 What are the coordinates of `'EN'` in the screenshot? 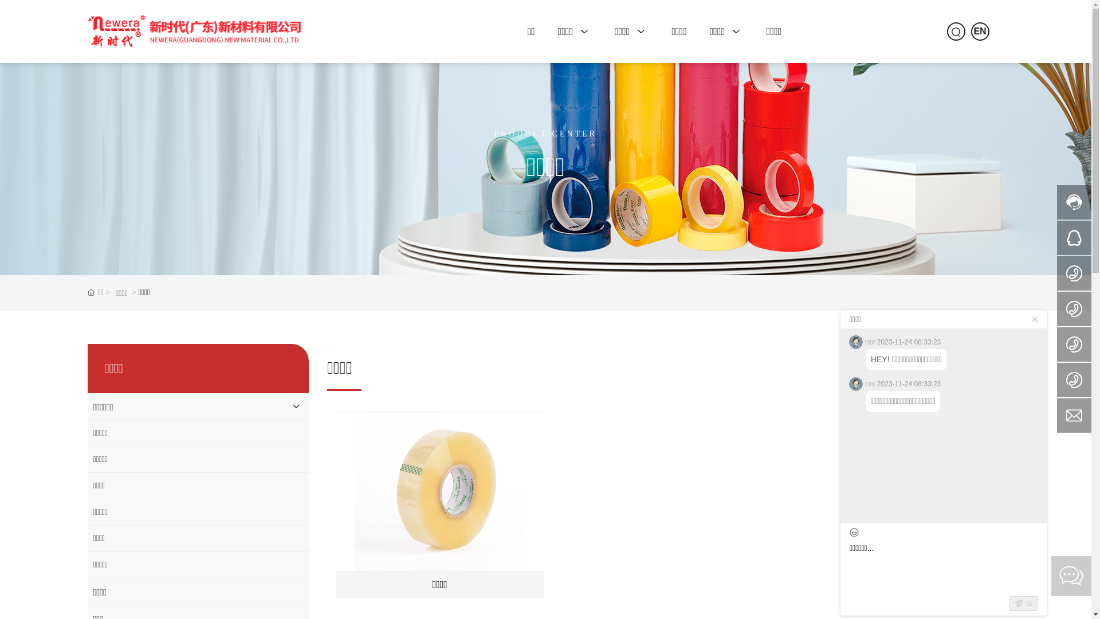 It's located at (979, 30).